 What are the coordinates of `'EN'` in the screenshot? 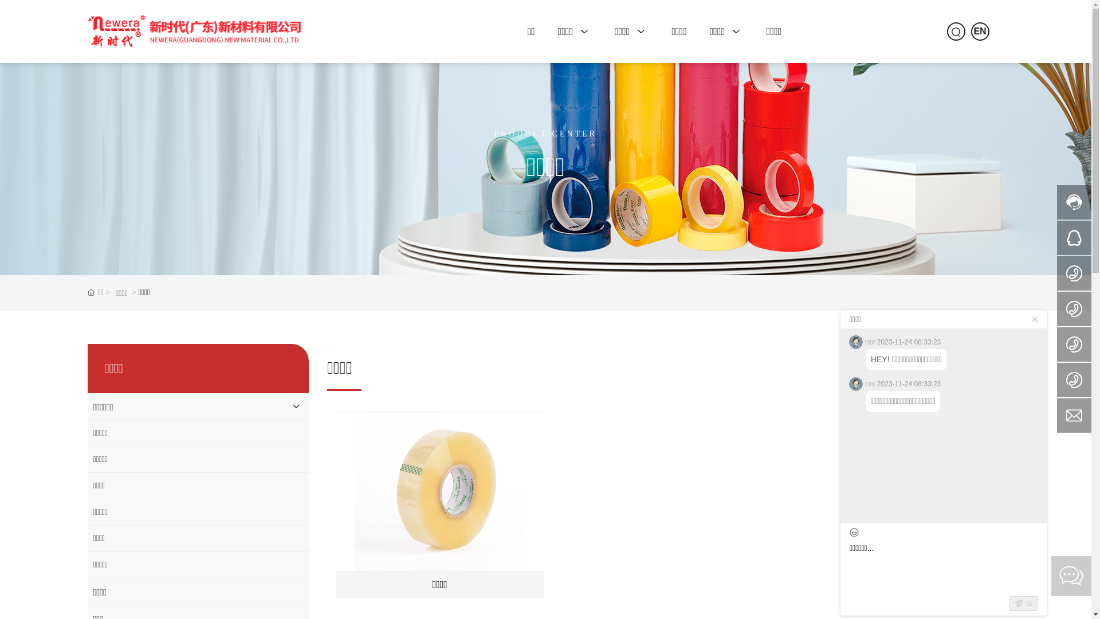 It's located at (979, 30).